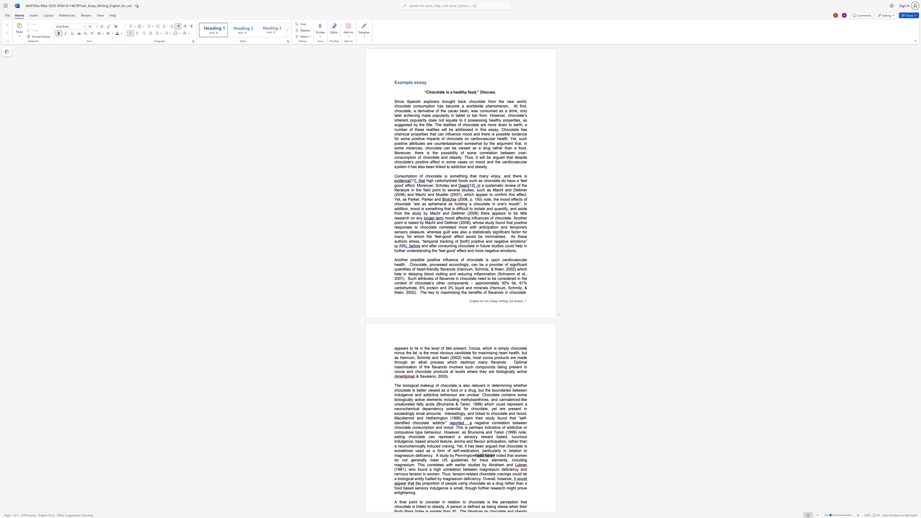 The width and height of the screenshot is (921, 518). What do you see at coordinates (405, 404) in the screenshot?
I see `the subset text "rated fatty acids (Bruinsma & Taren" within the text "some biologically active elements including methylxanthines, and cannabinoid-like unsaturated fatty acids (Bruinsma & Taren, 1999) which could"` at bounding box center [405, 404].